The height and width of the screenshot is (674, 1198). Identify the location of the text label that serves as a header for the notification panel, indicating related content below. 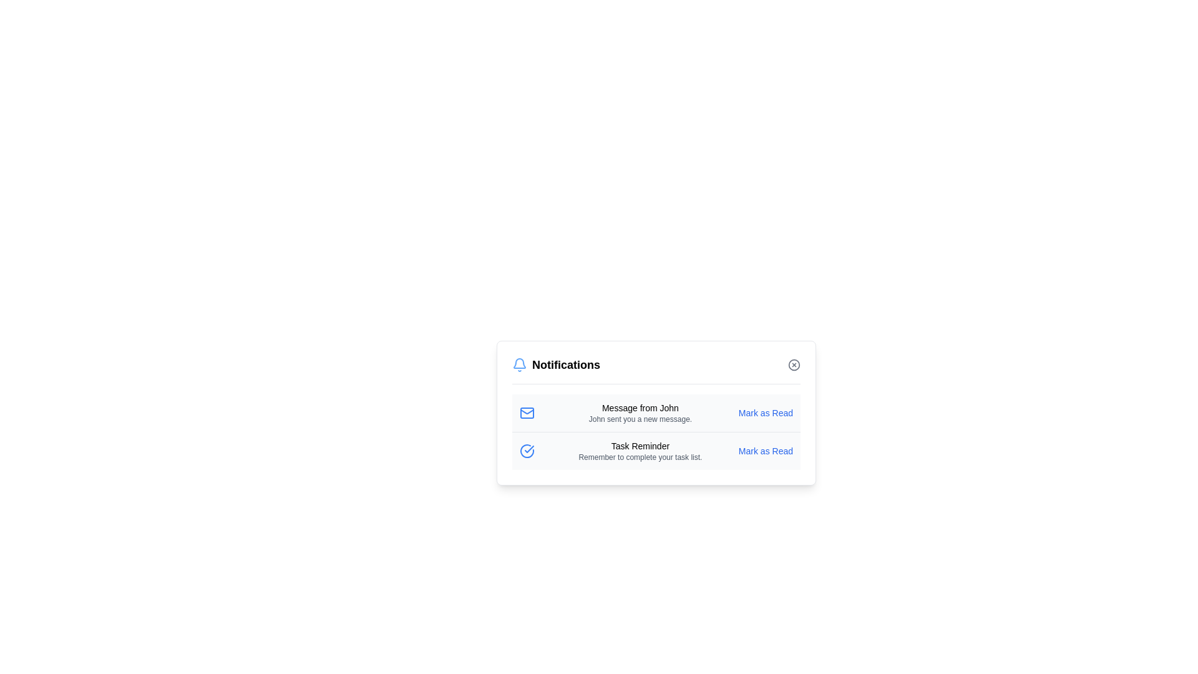
(565, 365).